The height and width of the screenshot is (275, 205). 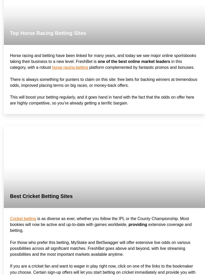 What do you see at coordinates (102, 100) in the screenshot?
I see `'This will boost your betting regularly, and it goes hand in hand with the fact that the odds on offer here are highly competitive, so you’re already getting a terrific bargain.'` at bounding box center [102, 100].